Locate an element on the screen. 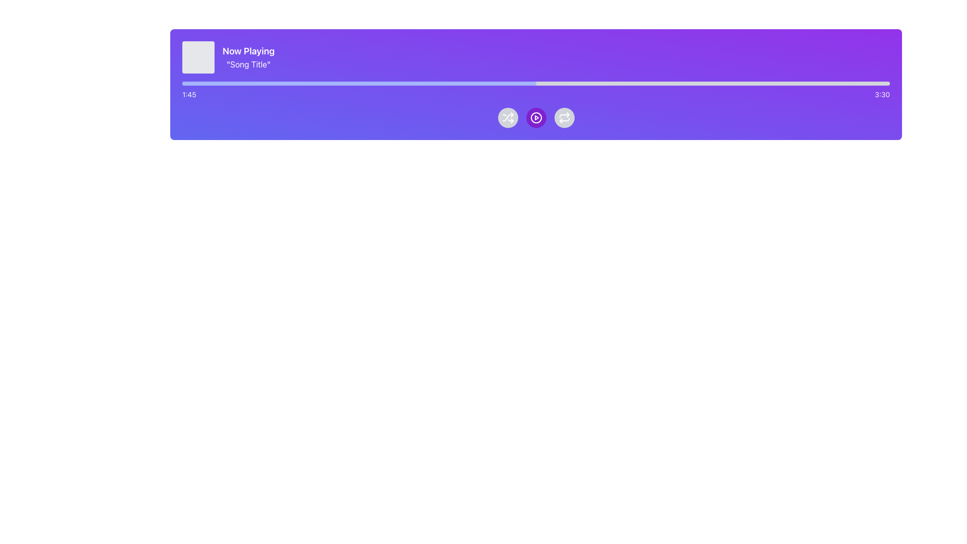  the slider is located at coordinates (351, 83).